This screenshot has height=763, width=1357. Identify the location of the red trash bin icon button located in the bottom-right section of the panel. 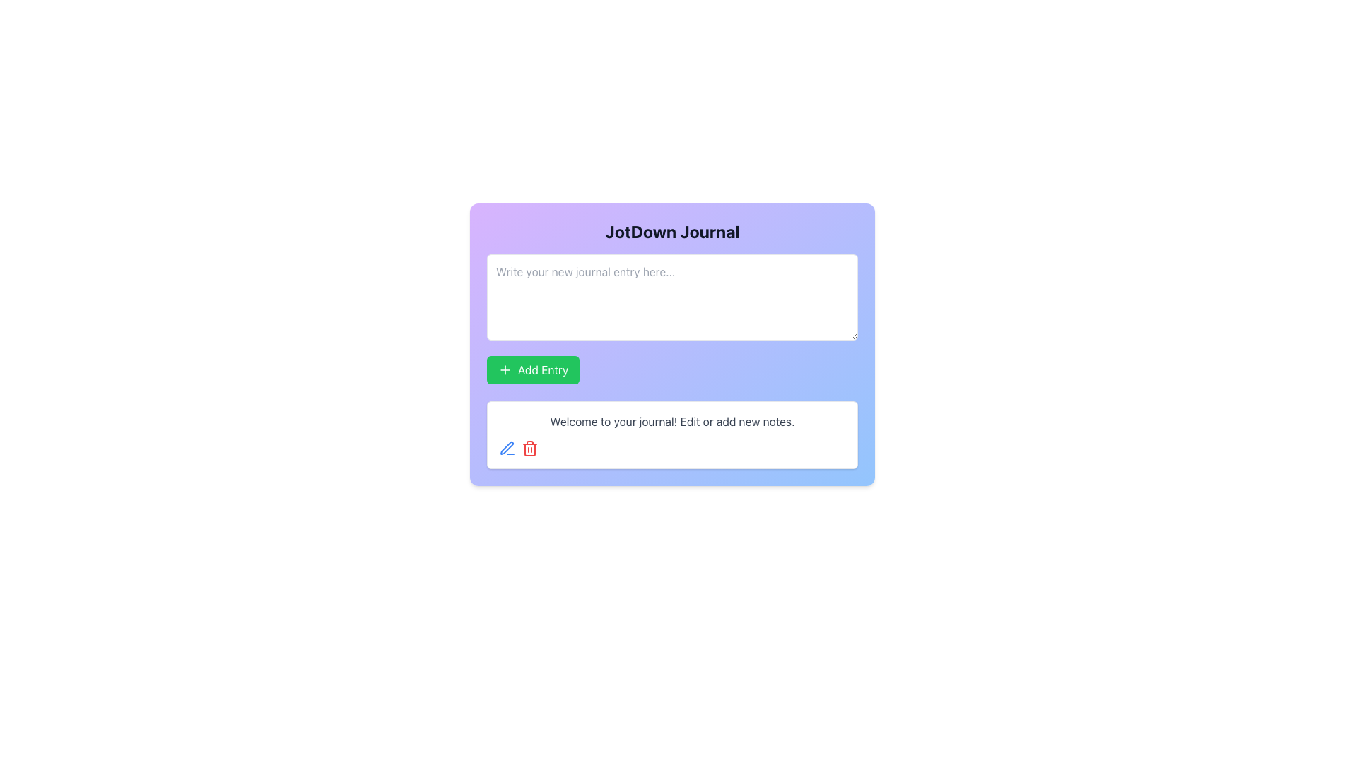
(529, 447).